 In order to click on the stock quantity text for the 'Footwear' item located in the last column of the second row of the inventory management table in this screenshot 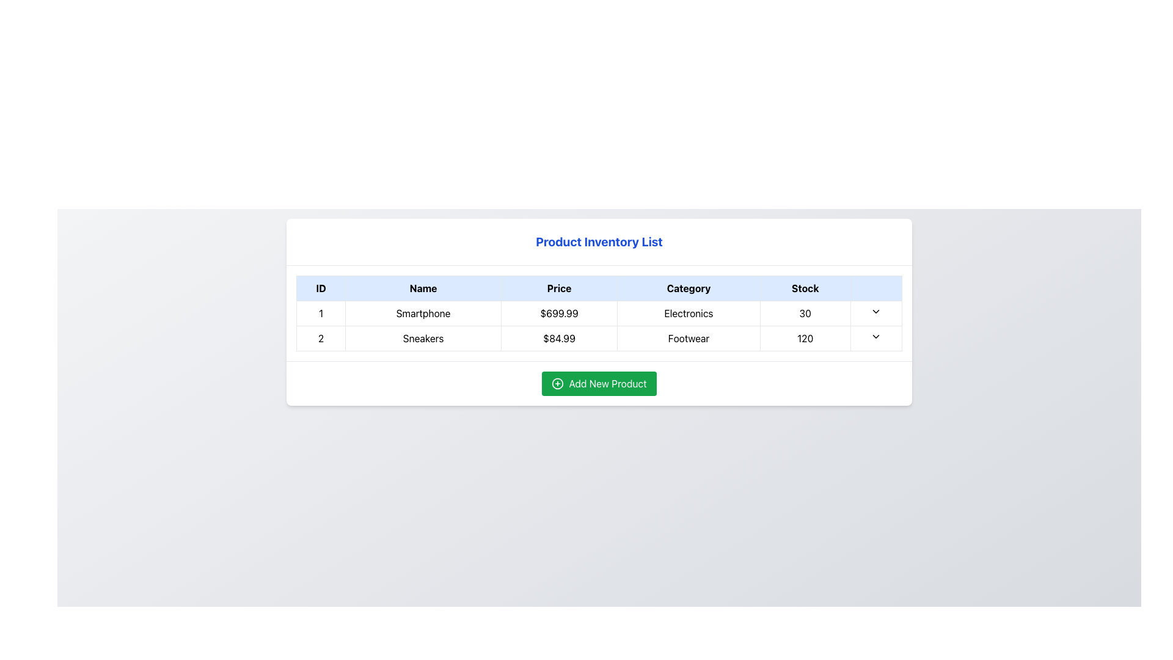, I will do `click(805, 339)`.